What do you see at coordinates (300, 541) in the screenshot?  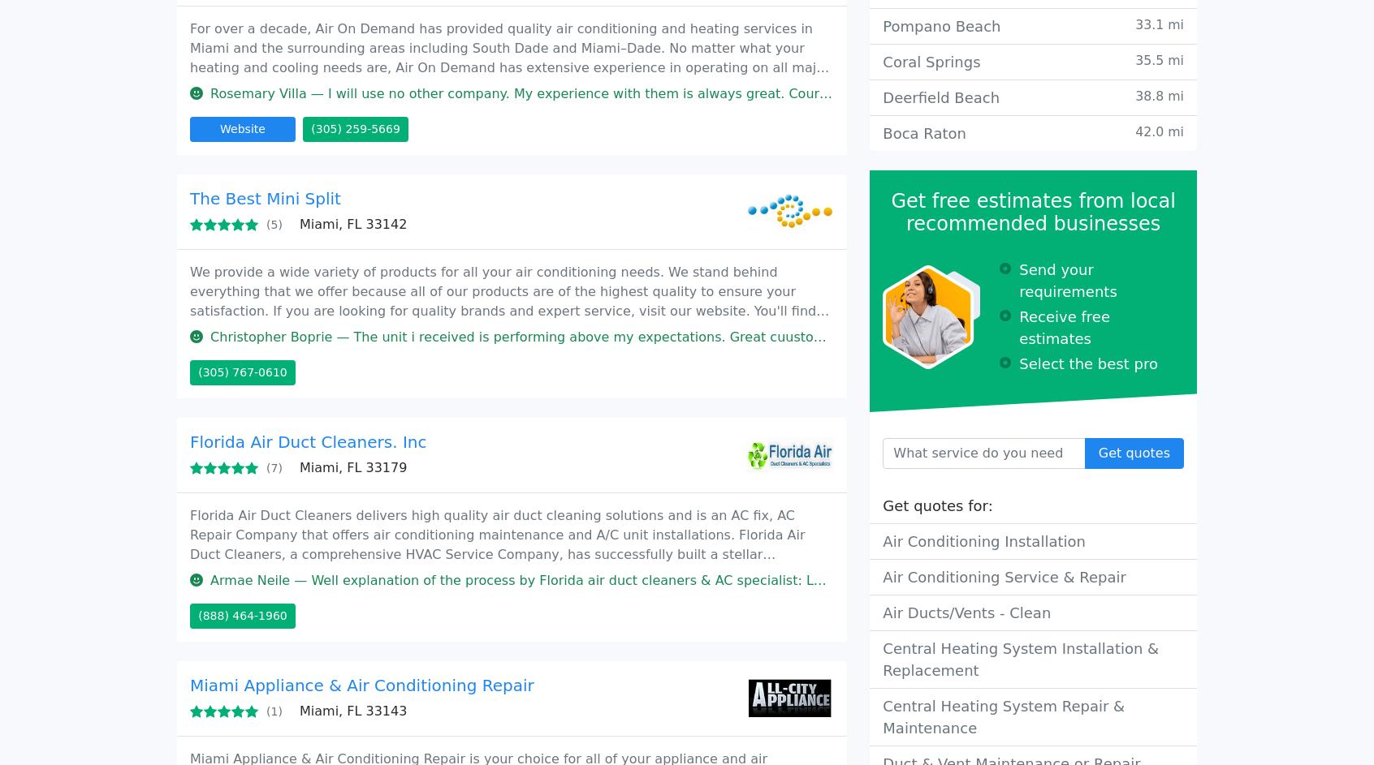 I see `'Miami, FL 33131'` at bounding box center [300, 541].